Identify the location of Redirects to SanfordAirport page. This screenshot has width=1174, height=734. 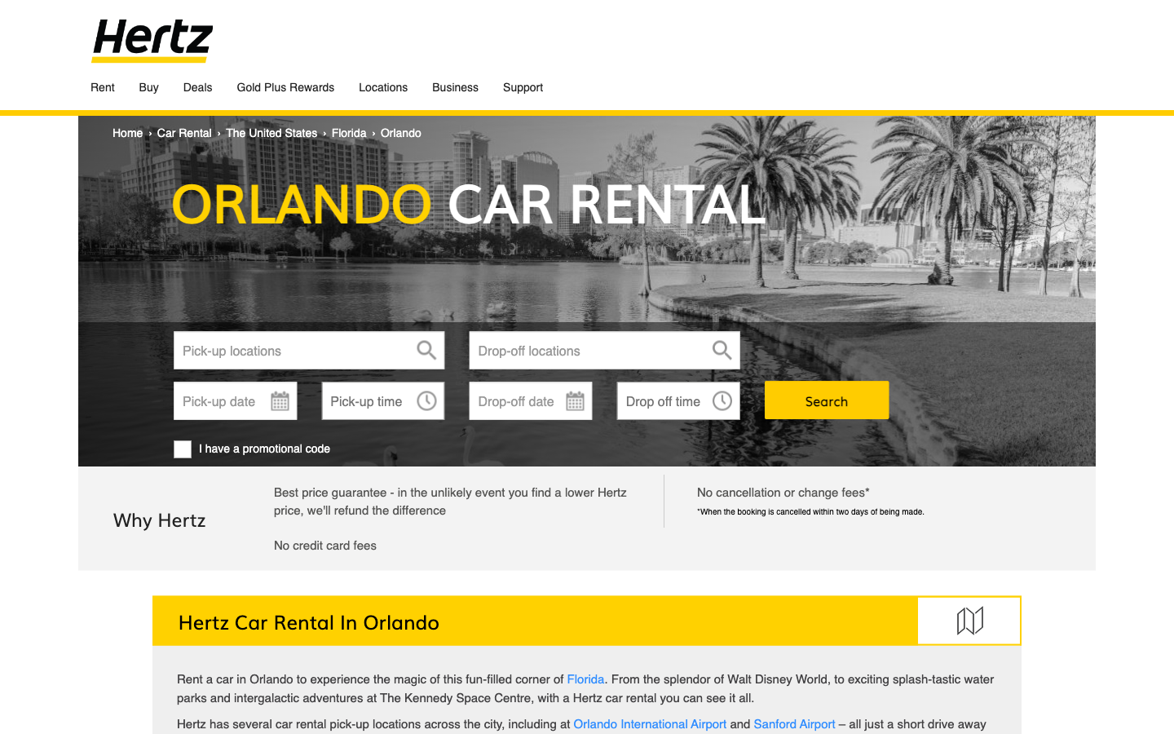
(794, 723).